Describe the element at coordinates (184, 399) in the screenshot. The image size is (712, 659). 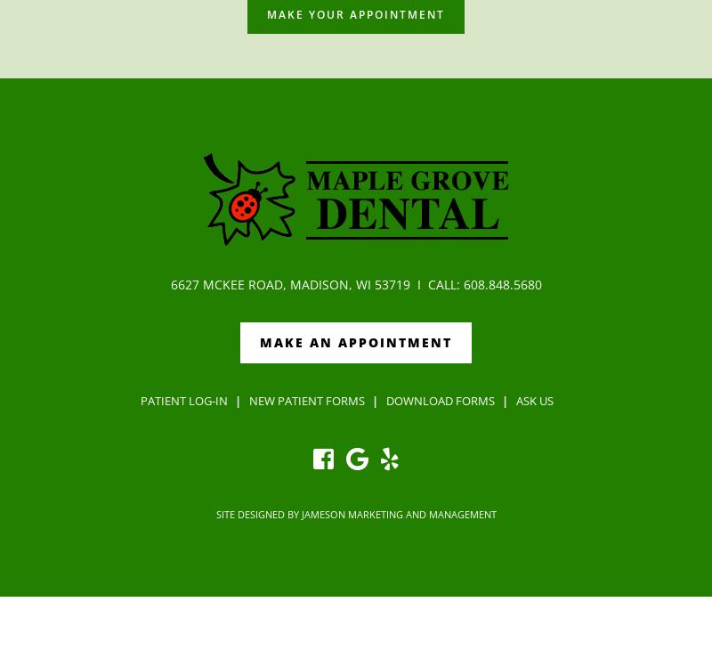
I see `'Patient Log-in'` at that location.